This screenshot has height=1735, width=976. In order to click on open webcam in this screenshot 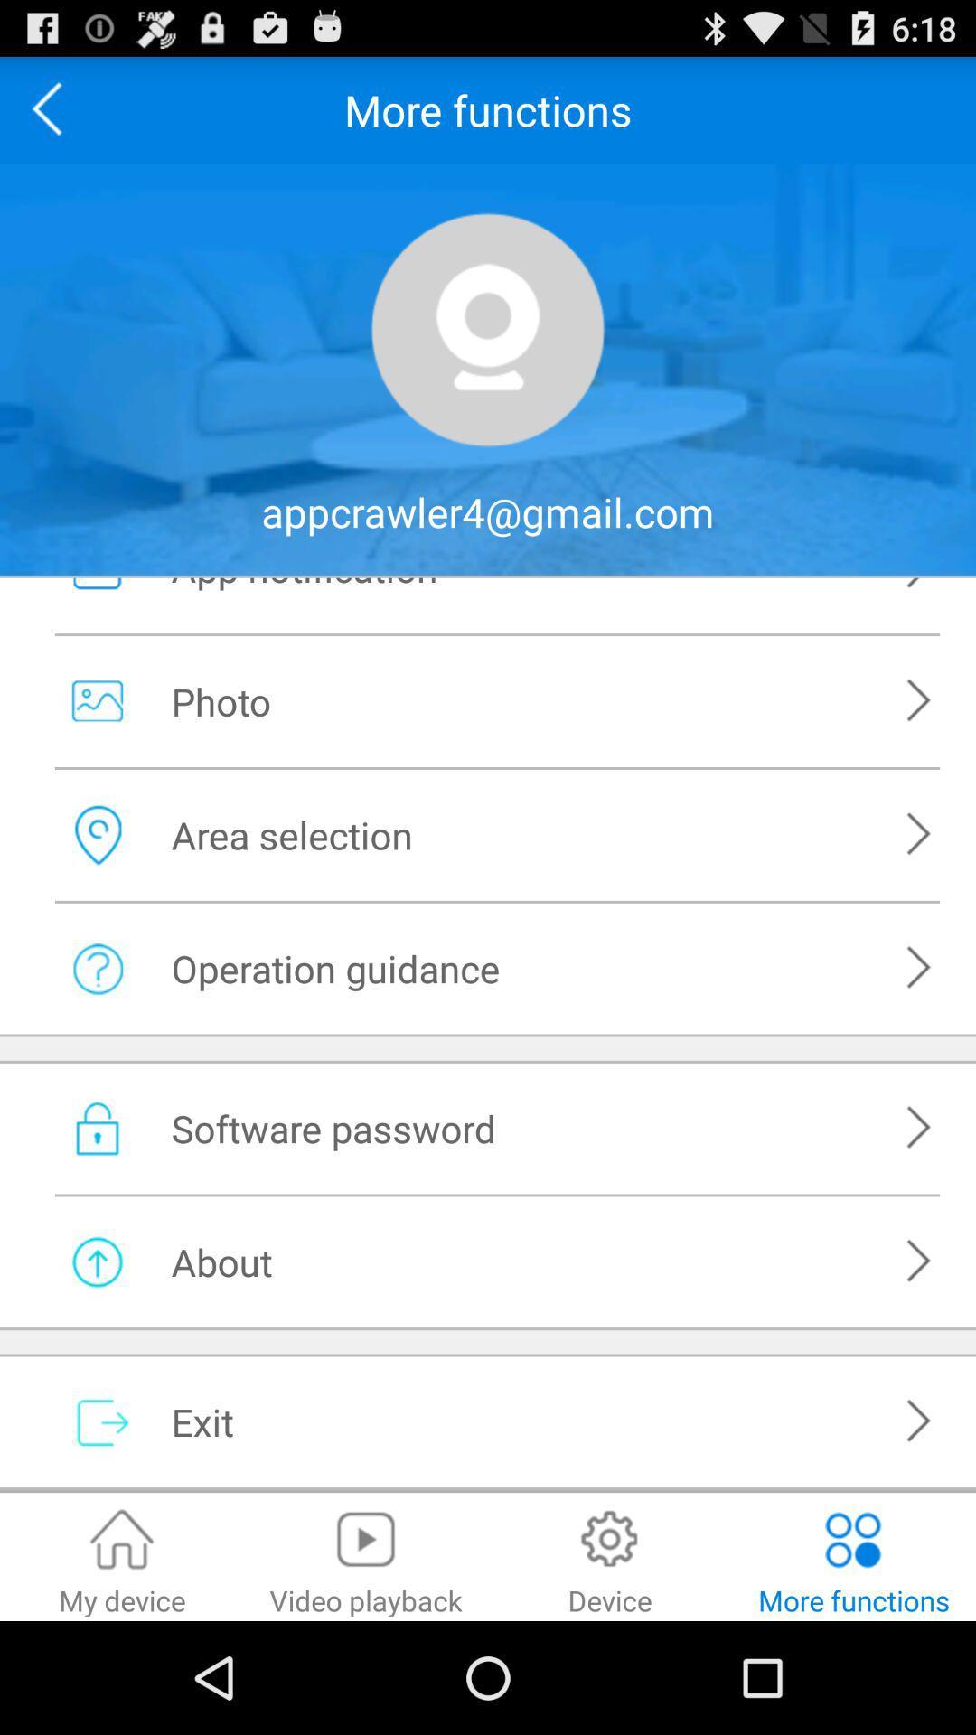, I will do `click(488, 330)`.